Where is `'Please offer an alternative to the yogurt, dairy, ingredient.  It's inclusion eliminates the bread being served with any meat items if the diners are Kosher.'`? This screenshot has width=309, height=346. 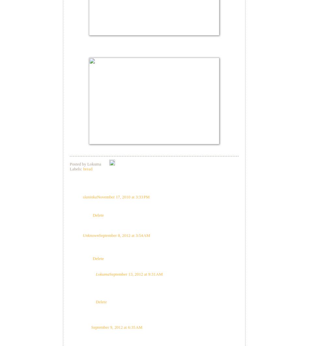
'Please offer an alternative to the yogurt, dairy, ingredient.  It's inclusion eliminates the bread being served with any meat items if the diners are Kosher.' is located at coordinates (160, 247).